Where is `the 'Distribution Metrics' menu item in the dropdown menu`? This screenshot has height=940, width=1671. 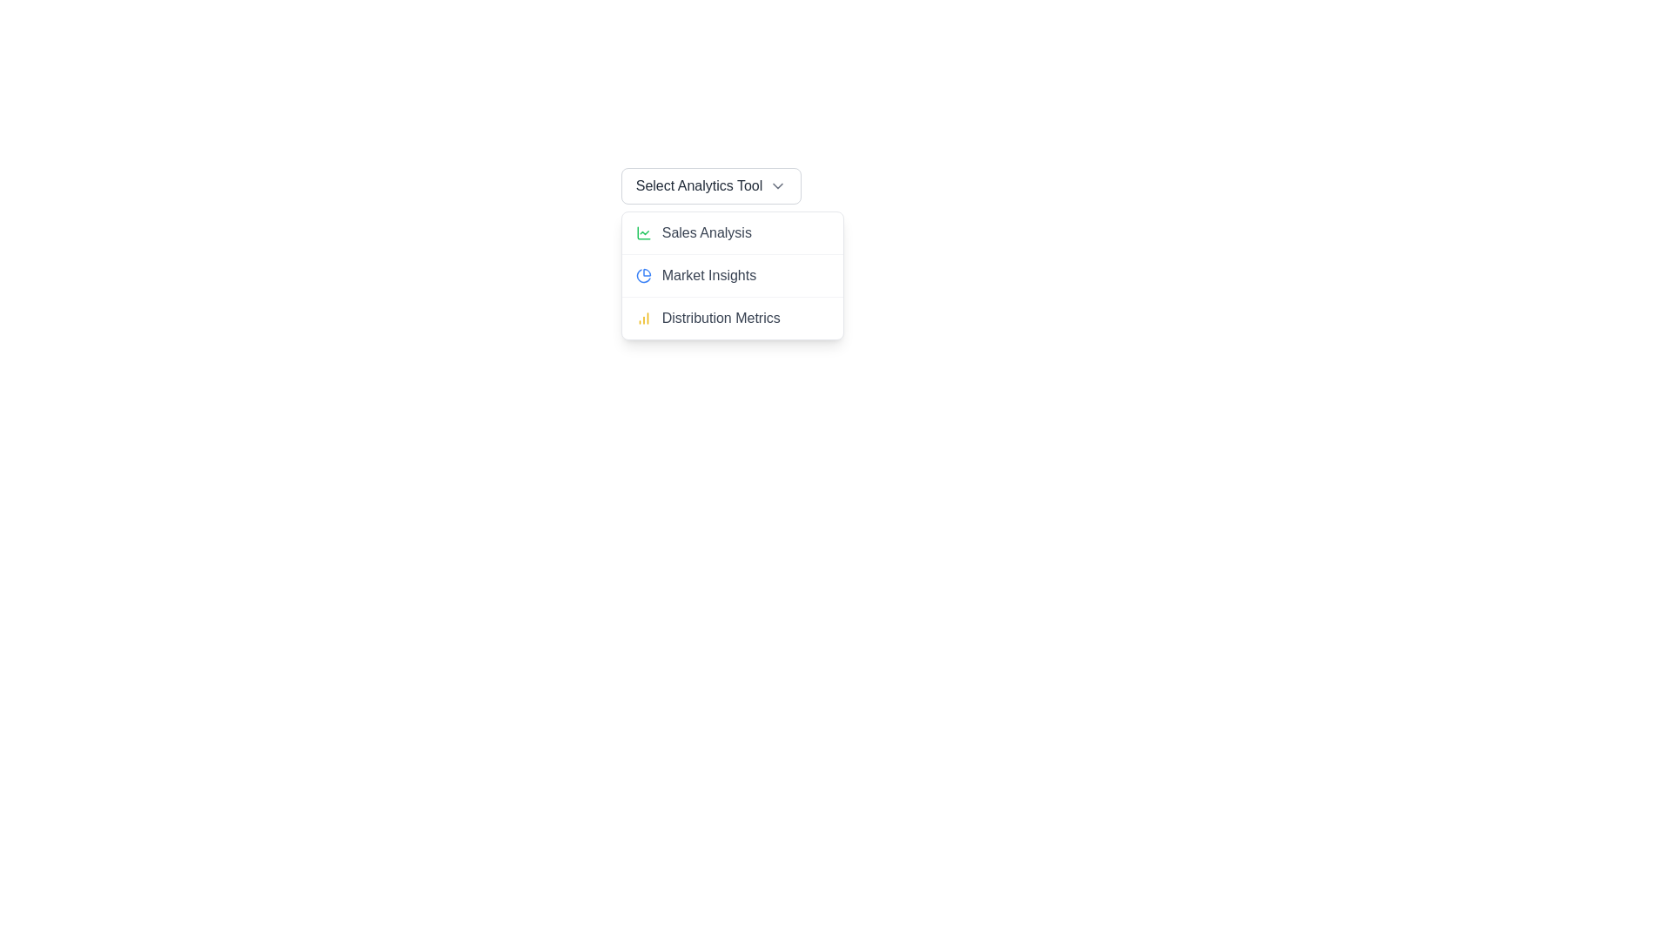
the 'Distribution Metrics' menu item in the dropdown menu is located at coordinates (732, 318).